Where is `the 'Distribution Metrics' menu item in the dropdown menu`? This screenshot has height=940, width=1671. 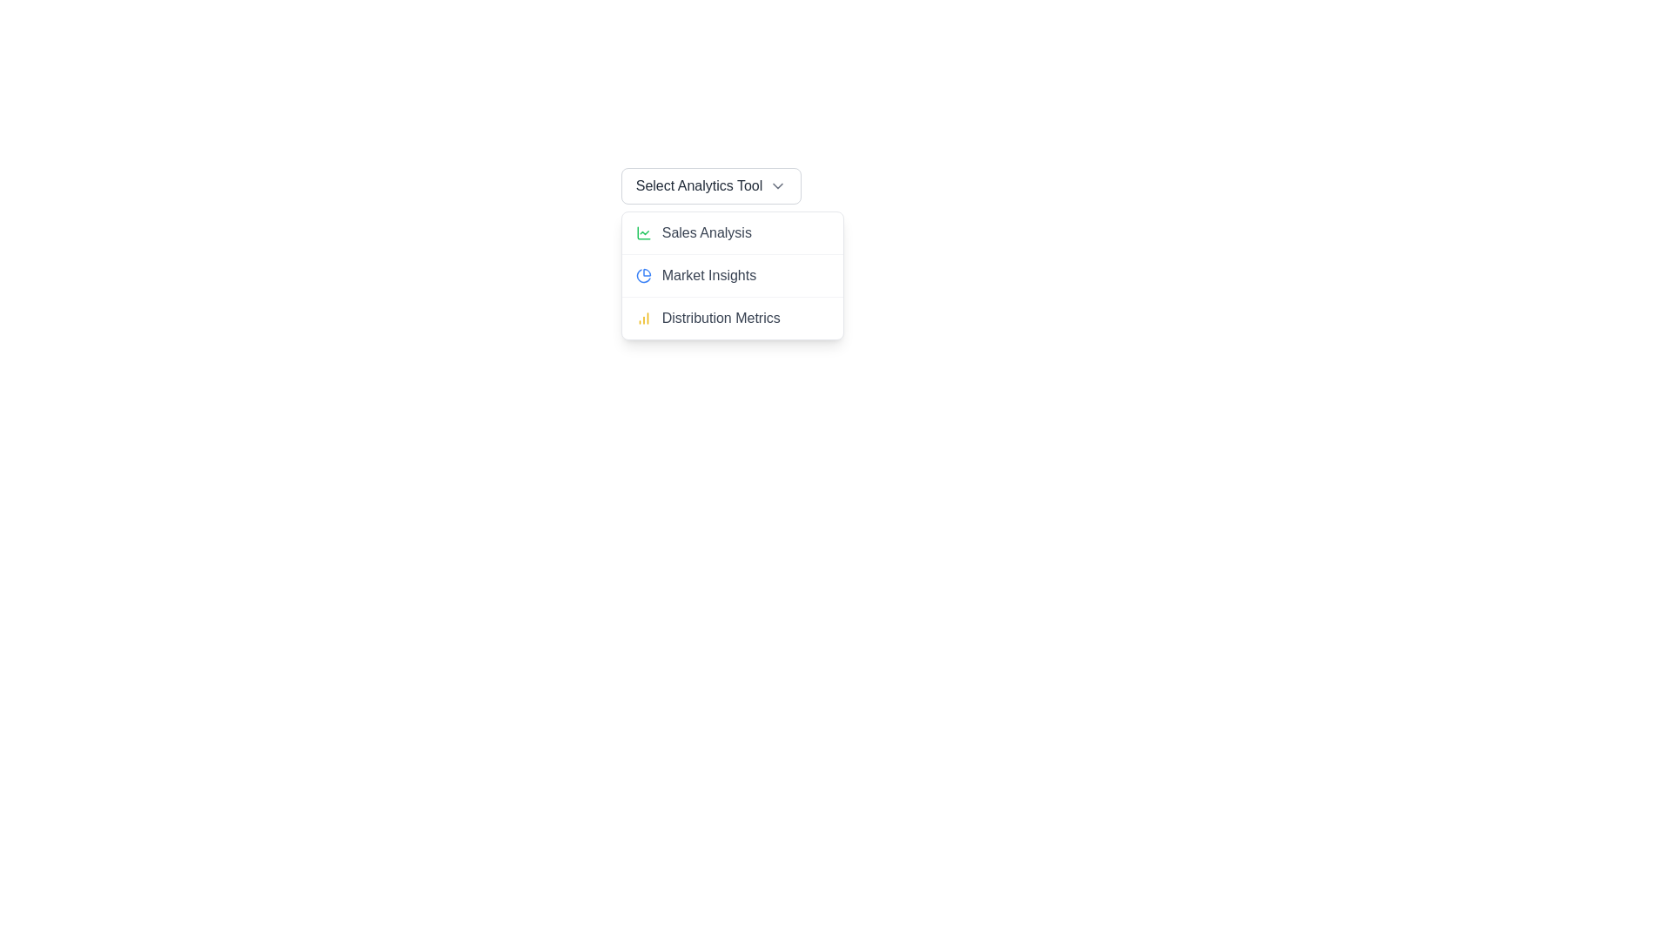
the 'Distribution Metrics' menu item in the dropdown menu is located at coordinates (732, 318).